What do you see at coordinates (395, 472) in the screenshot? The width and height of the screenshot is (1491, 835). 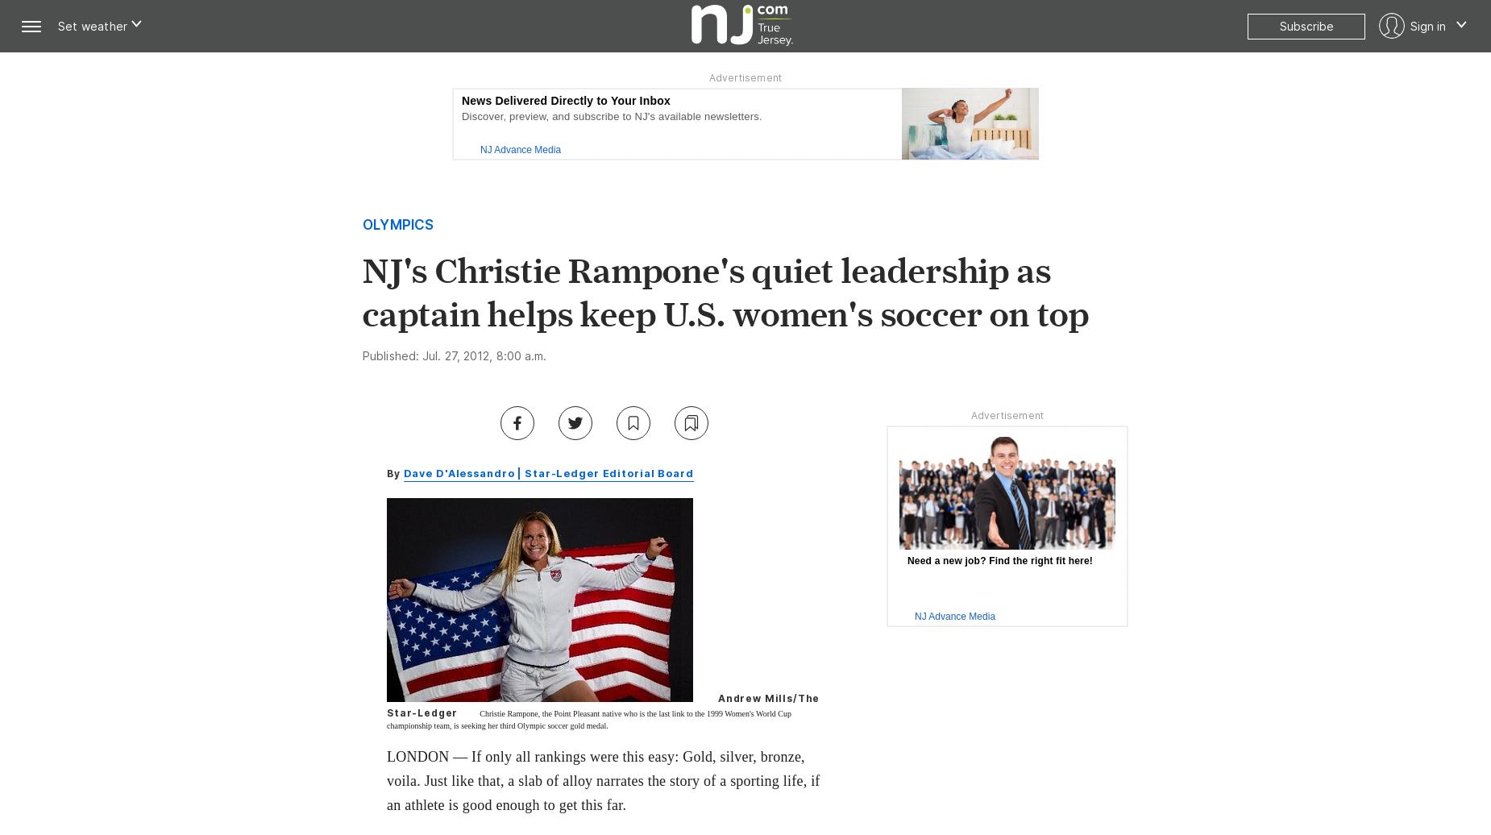 I see `'By'` at bounding box center [395, 472].